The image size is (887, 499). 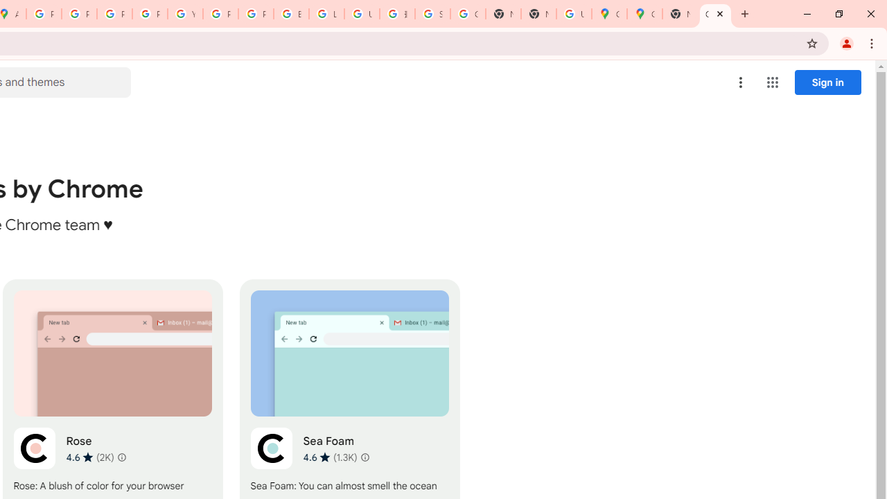 I want to click on 'Policy Accountability and Transparency - Transparency Center', so click(x=44, y=14).